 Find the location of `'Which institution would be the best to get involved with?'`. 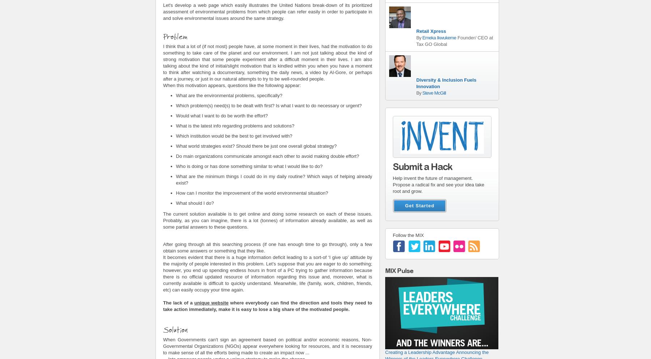

'Which institution would be the best to get involved with?' is located at coordinates (234, 135).